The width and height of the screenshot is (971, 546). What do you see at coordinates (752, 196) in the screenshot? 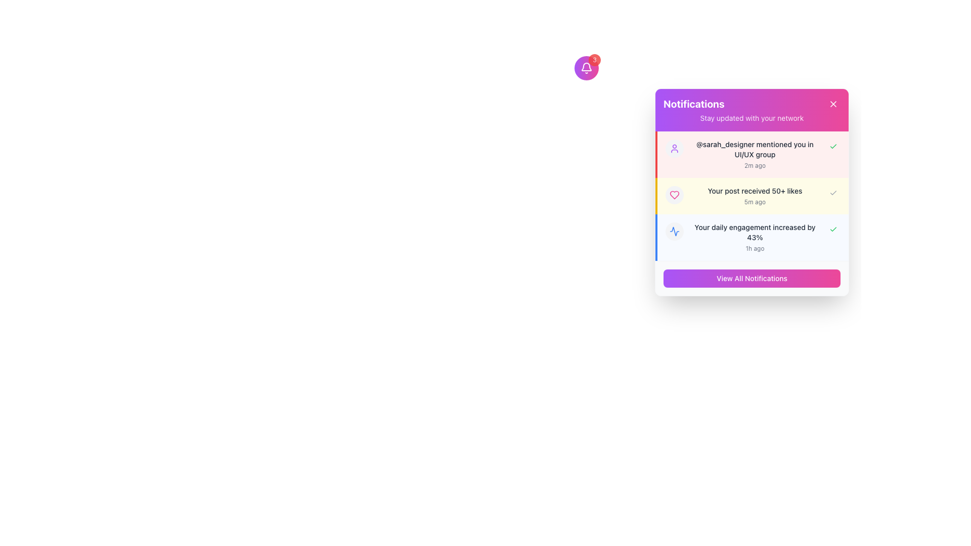
I see `the checkmark associated with the second notification in the 'Notifications' dropdown panel, which indicates that a post received over 50 likes, to mark it as read` at bounding box center [752, 196].